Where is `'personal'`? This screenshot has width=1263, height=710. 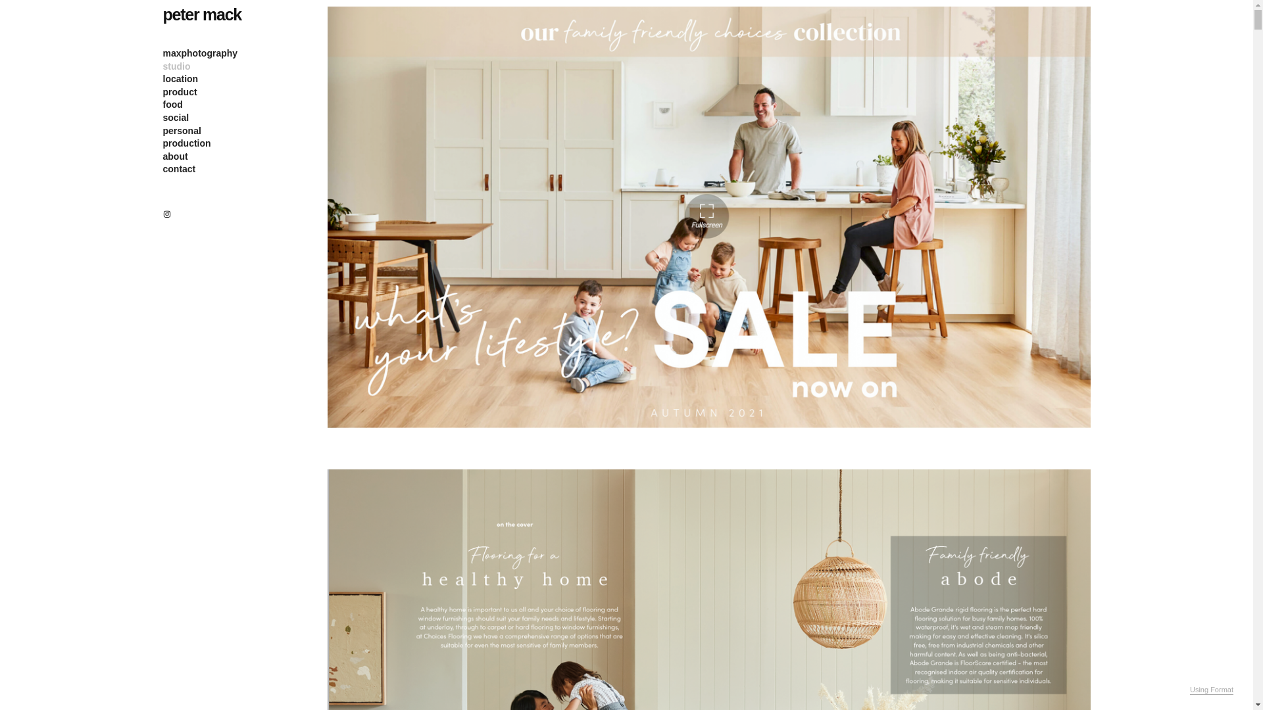 'personal' is located at coordinates (162, 131).